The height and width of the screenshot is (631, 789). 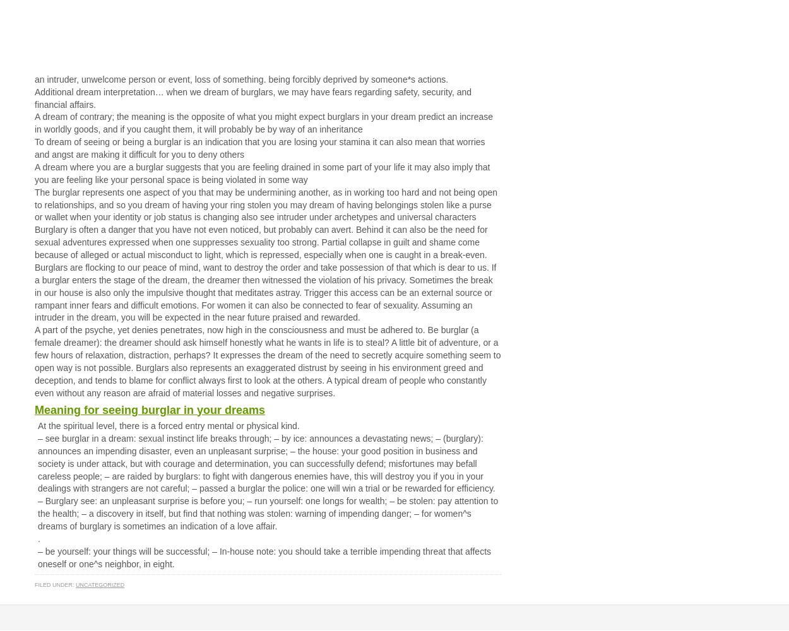 I want to click on 'Additional dream interpretation… when we dream of burglars, we may have fears regarding safety, security, and financial affairs.', so click(x=252, y=98).